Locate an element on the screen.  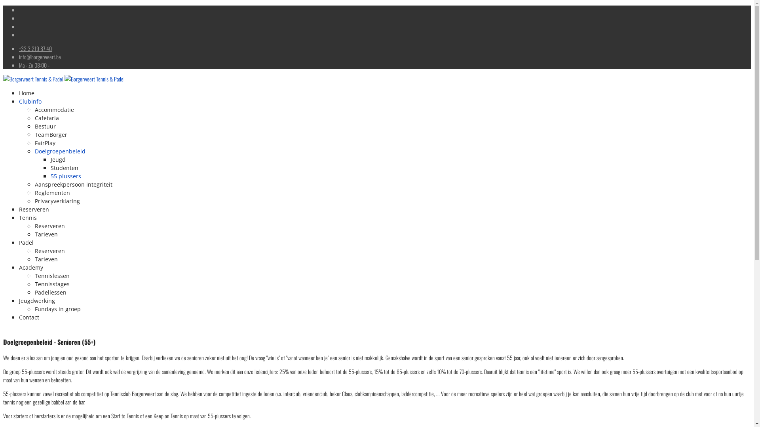
'55 plussers' is located at coordinates (66, 176).